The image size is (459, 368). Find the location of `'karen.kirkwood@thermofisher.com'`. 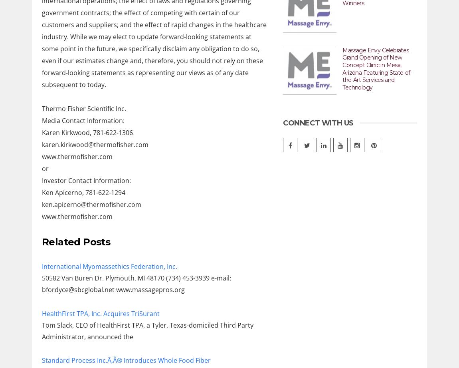

'karen.kirkwood@thermofisher.com' is located at coordinates (95, 144).